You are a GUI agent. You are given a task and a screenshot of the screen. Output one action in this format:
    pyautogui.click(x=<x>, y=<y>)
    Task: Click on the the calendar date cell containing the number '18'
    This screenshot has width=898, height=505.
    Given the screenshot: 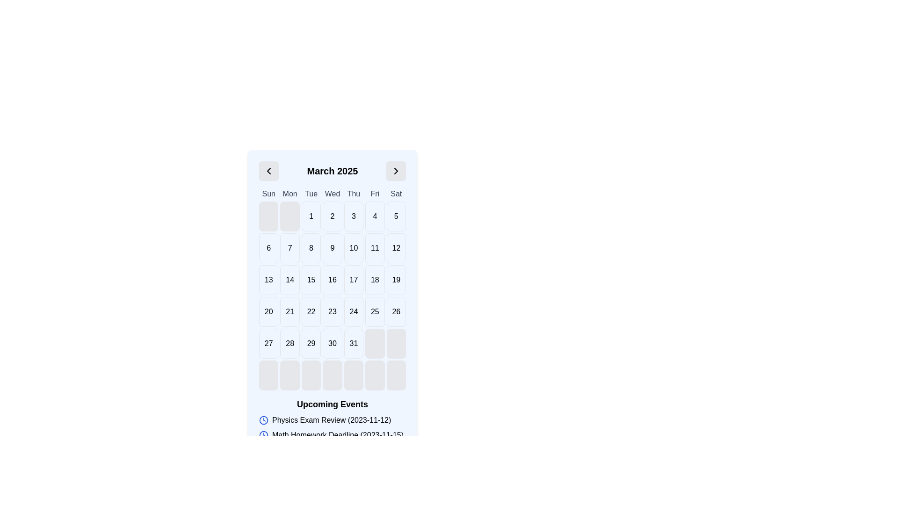 What is the action you would take?
    pyautogui.click(x=375, y=279)
    